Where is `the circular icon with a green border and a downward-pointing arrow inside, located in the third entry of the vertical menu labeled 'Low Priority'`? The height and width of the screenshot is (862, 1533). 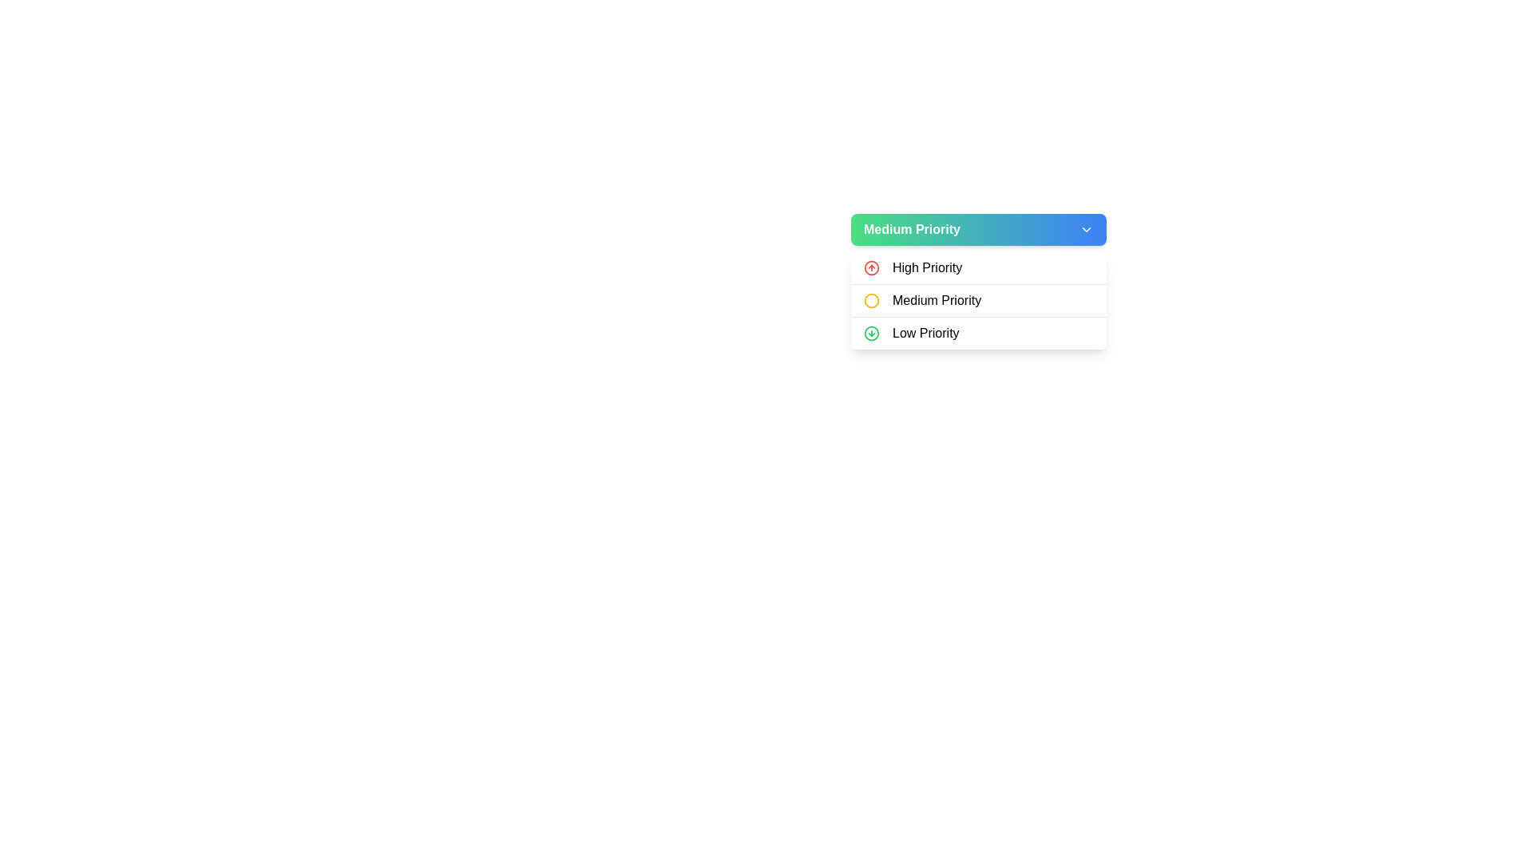 the circular icon with a green border and a downward-pointing arrow inside, located in the third entry of the vertical menu labeled 'Low Priority' is located at coordinates (870, 332).